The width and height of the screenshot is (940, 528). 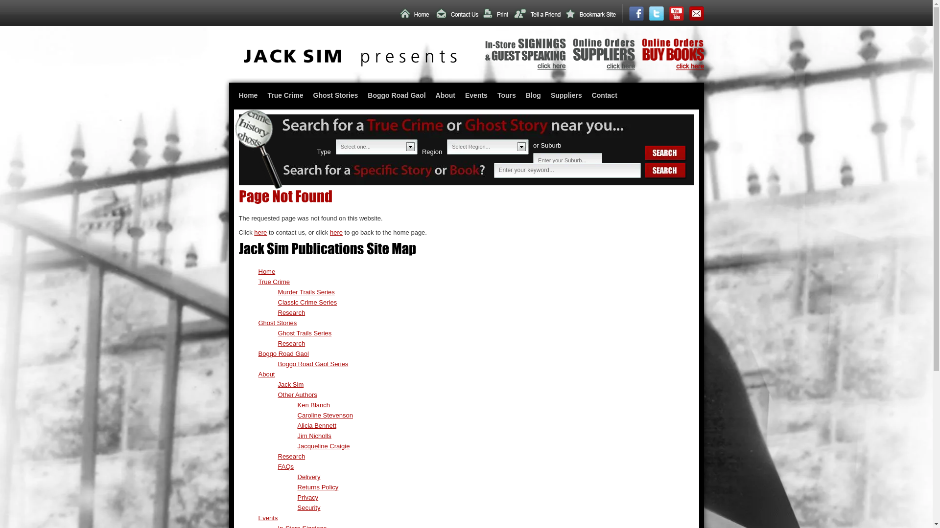 What do you see at coordinates (291, 343) in the screenshot?
I see `'Research'` at bounding box center [291, 343].